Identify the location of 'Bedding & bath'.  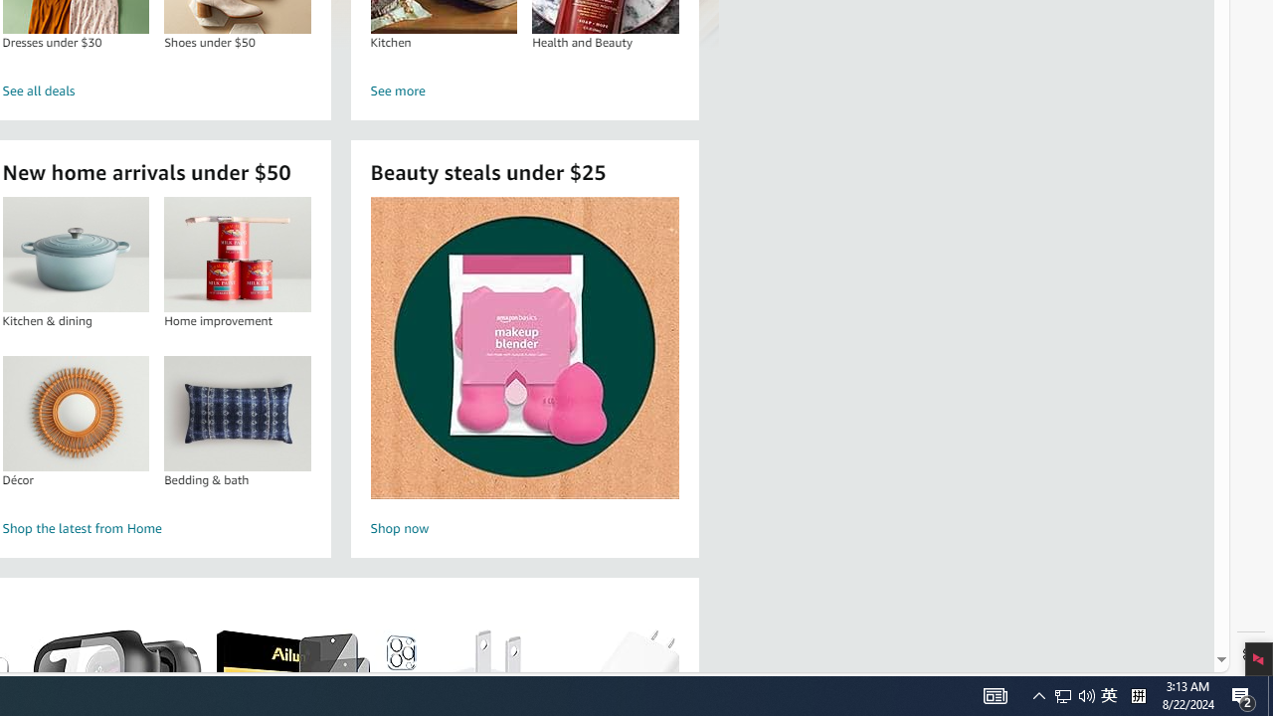
(238, 412).